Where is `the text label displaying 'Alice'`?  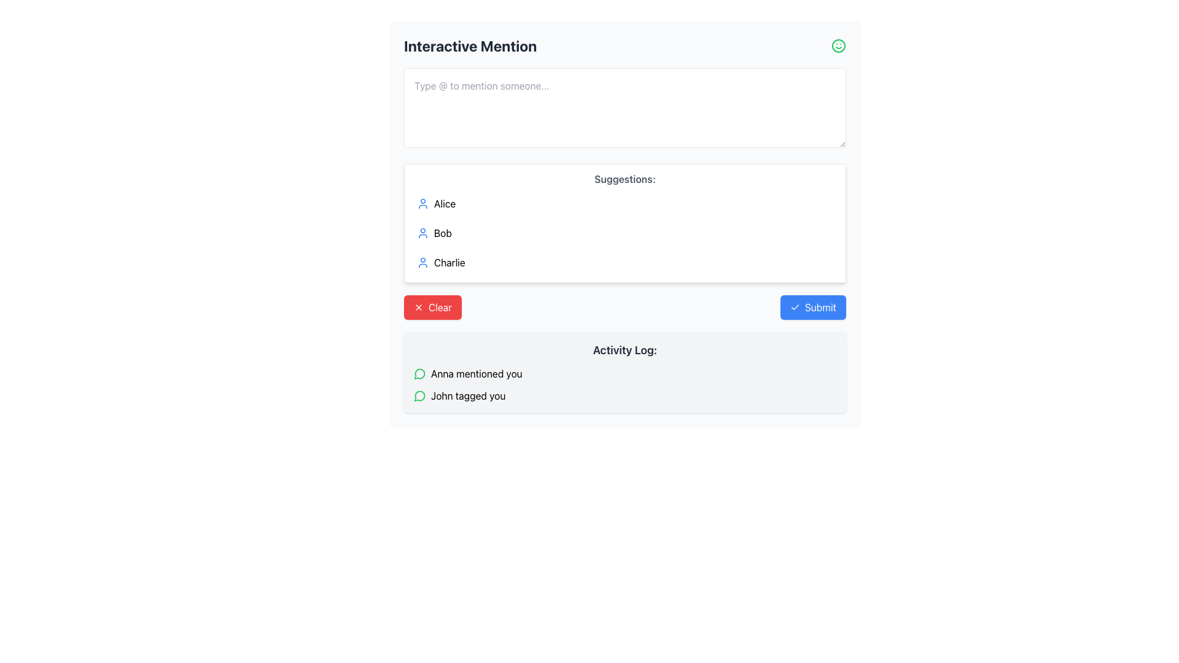 the text label displaying 'Alice' is located at coordinates (444, 203).